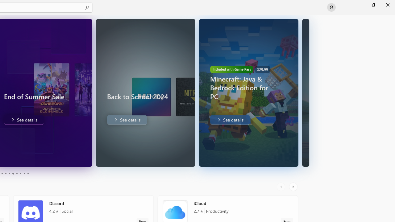  Describe the element at coordinates (387, 5) in the screenshot. I see `'Close Microsoft Store'` at that location.